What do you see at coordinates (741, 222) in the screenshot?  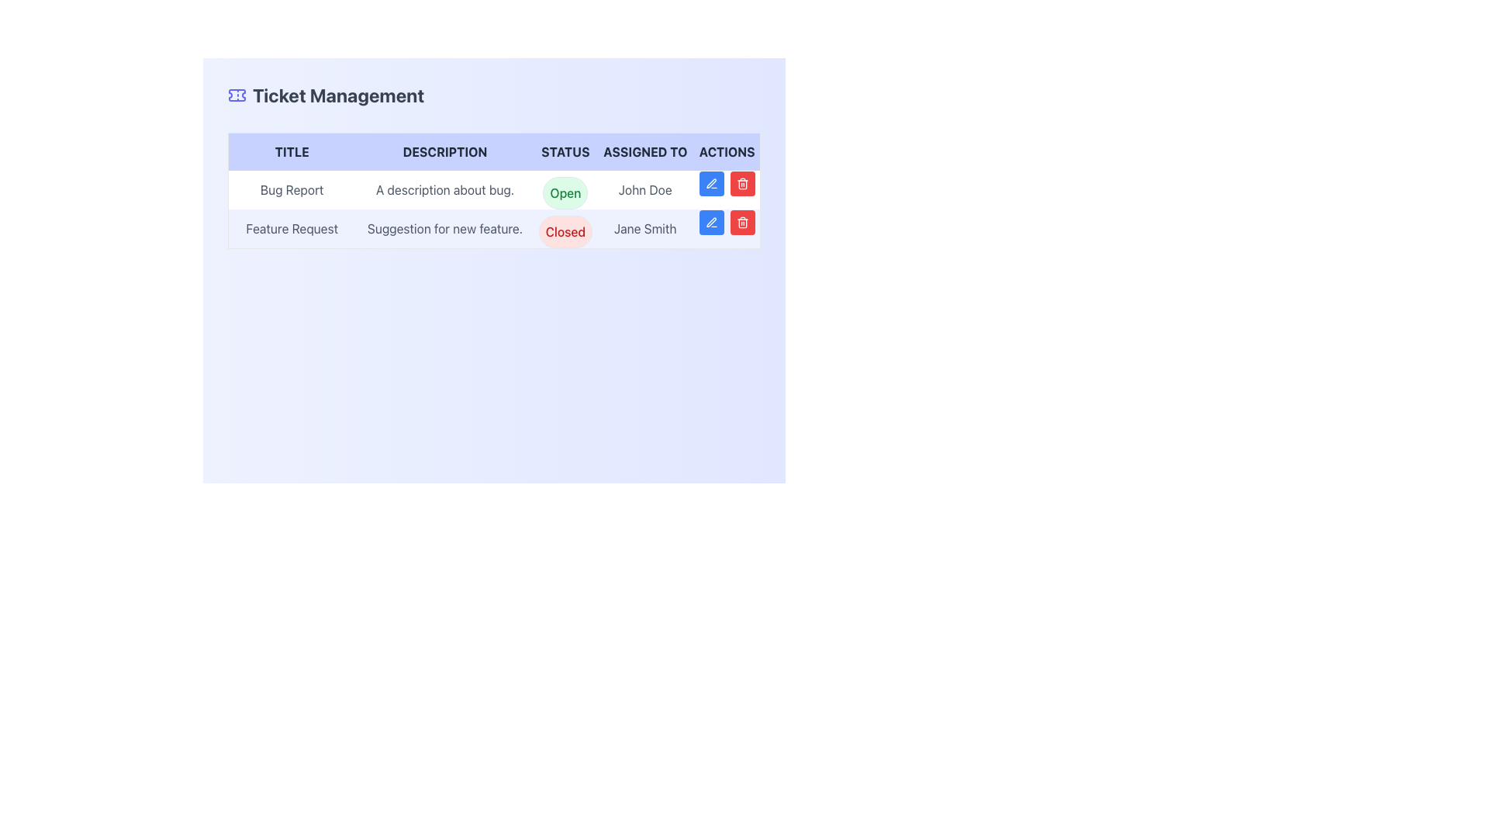 I see `the delete button with a trash can icon located in the 'Actions' column of the second row in the table, next to the 'Assigned To' column with text 'Jane Smith'` at bounding box center [741, 222].